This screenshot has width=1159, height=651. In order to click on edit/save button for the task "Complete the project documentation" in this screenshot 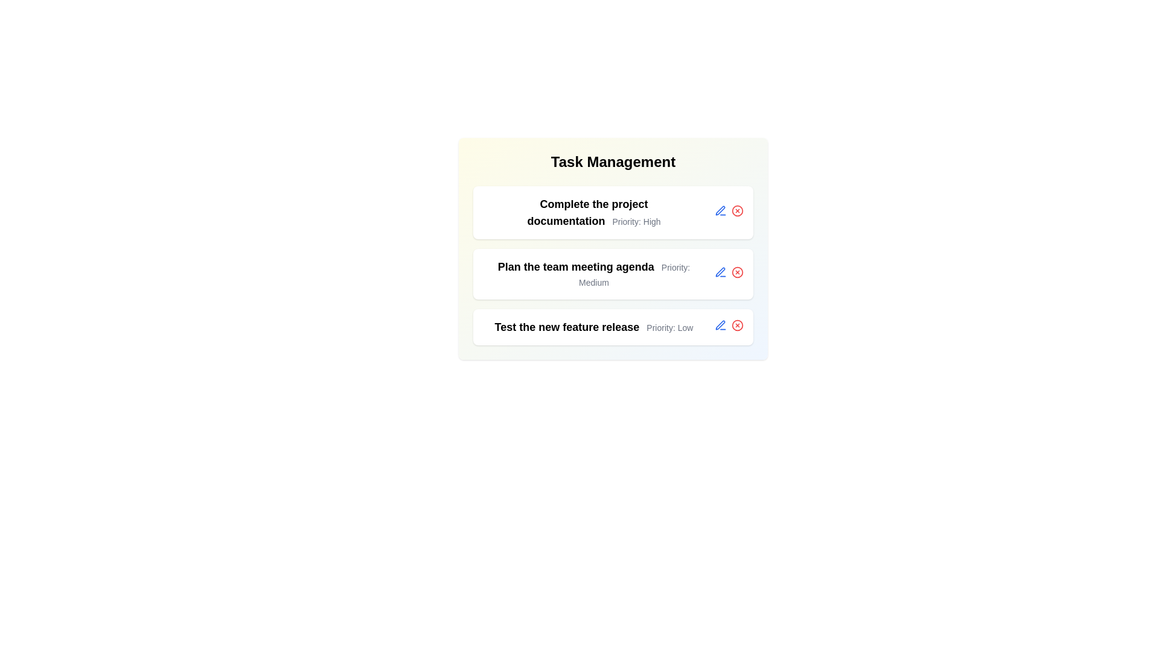, I will do `click(721, 210)`.